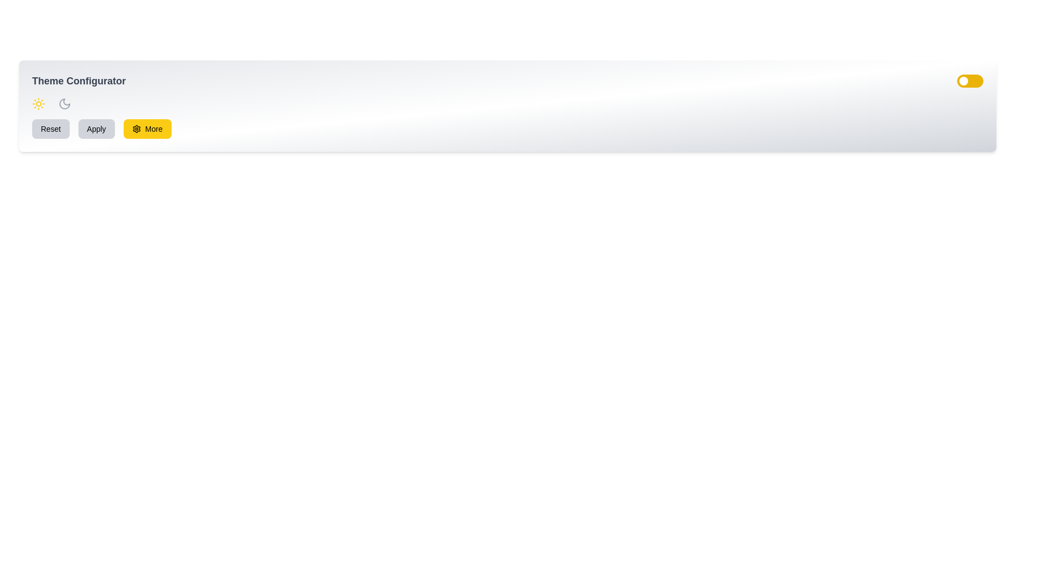 The image size is (1046, 588). Describe the element at coordinates (153, 128) in the screenshot. I see `the configuration button located in the top-center section of the interface` at that location.